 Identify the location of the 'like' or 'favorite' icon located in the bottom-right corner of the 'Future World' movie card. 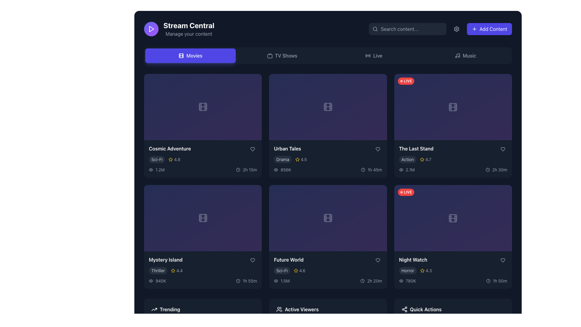
(377, 260).